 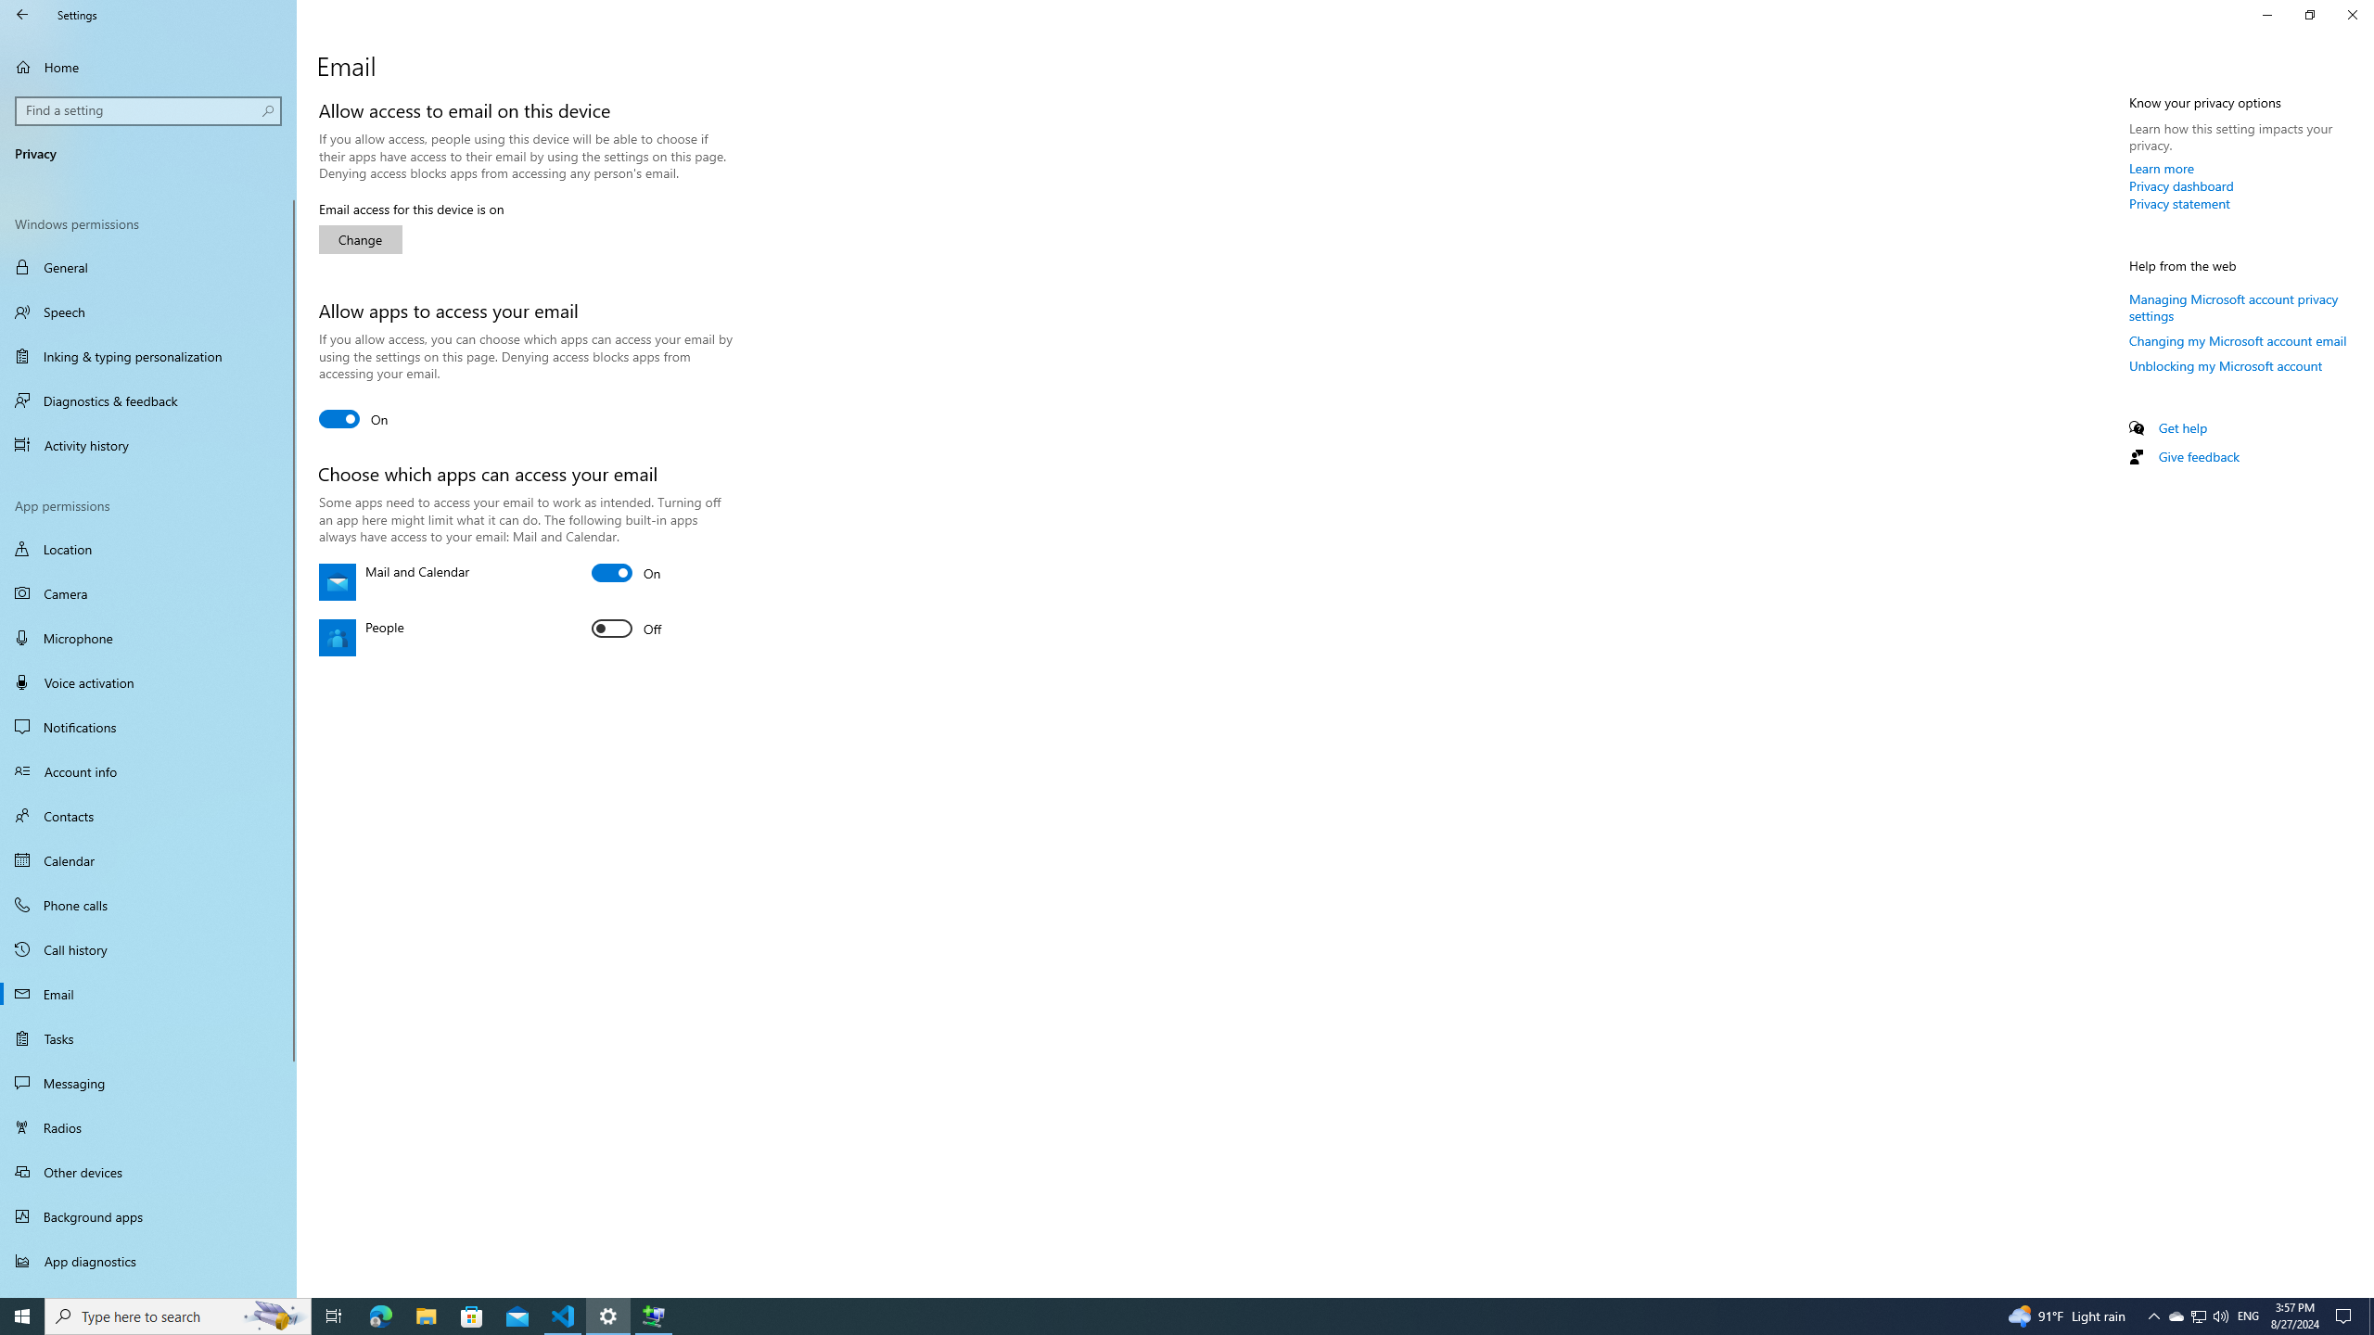 What do you see at coordinates (147, 1260) in the screenshot?
I see `'App diagnostics'` at bounding box center [147, 1260].